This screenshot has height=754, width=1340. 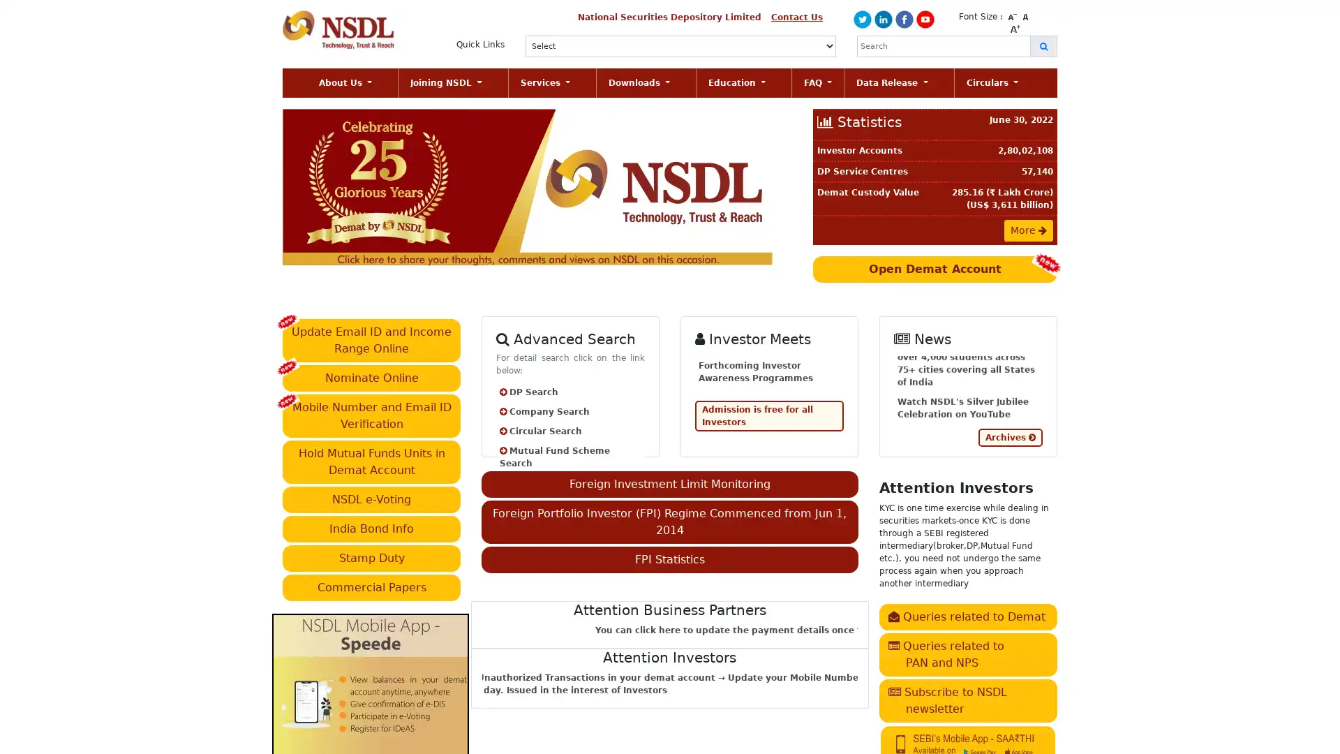 I want to click on Mobile Number and Email ID Verification, so click(x=371, y=414).